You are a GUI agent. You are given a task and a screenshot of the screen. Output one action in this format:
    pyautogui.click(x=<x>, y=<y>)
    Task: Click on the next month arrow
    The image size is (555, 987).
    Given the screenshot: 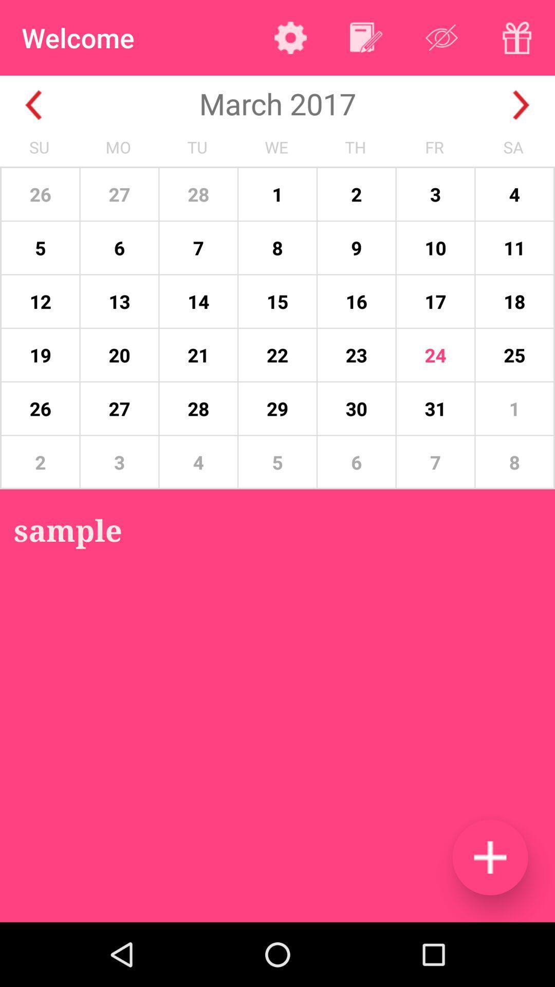 What is the action you would take?
    pyautogui.click(x=521, y=105)
    